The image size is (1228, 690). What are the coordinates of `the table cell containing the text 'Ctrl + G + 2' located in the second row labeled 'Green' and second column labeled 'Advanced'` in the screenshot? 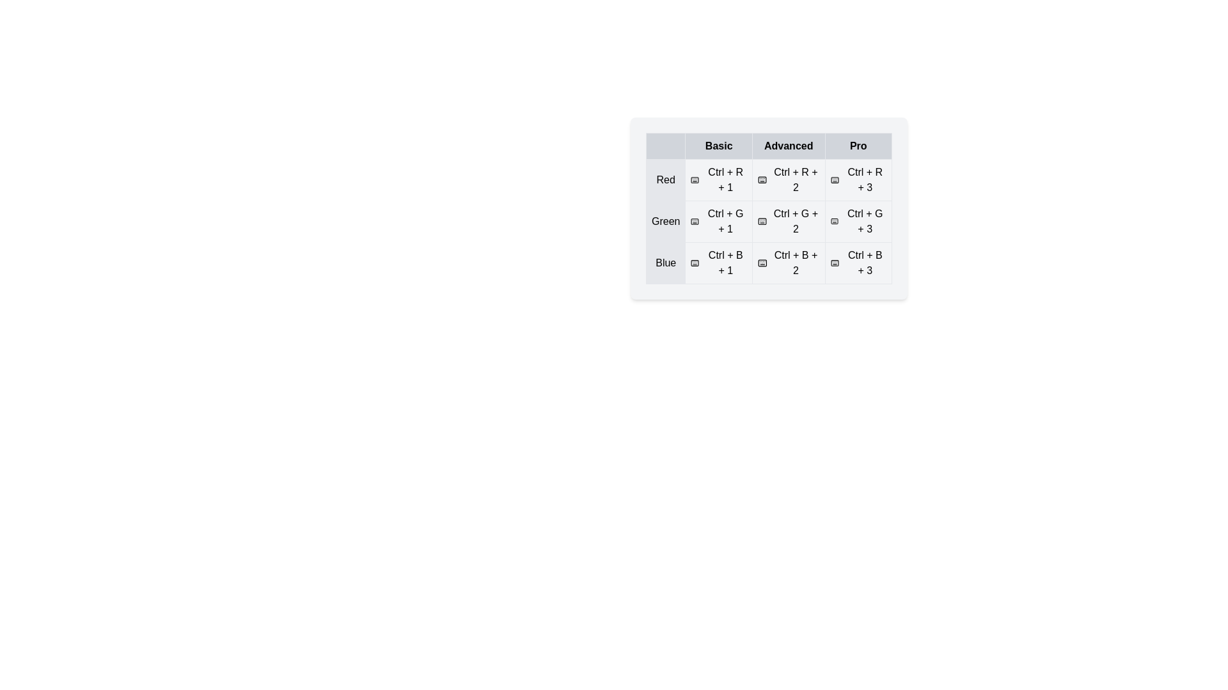 It's located at (768, 208).